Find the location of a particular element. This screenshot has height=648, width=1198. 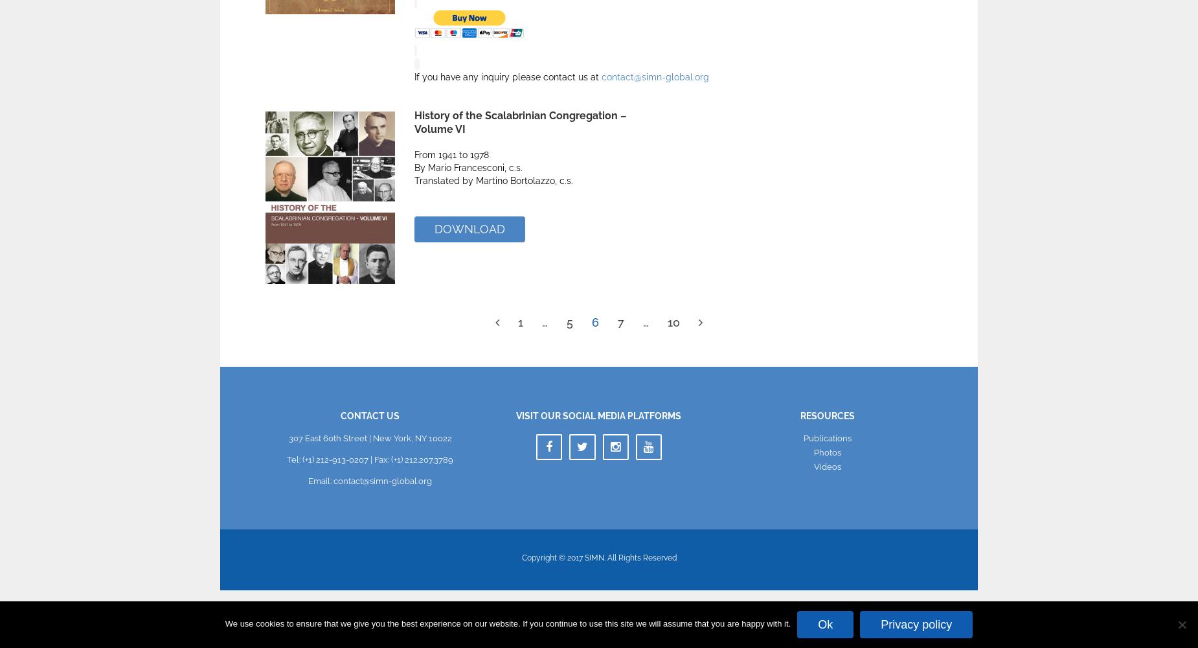

'6' is located at coordinates (592, 321).